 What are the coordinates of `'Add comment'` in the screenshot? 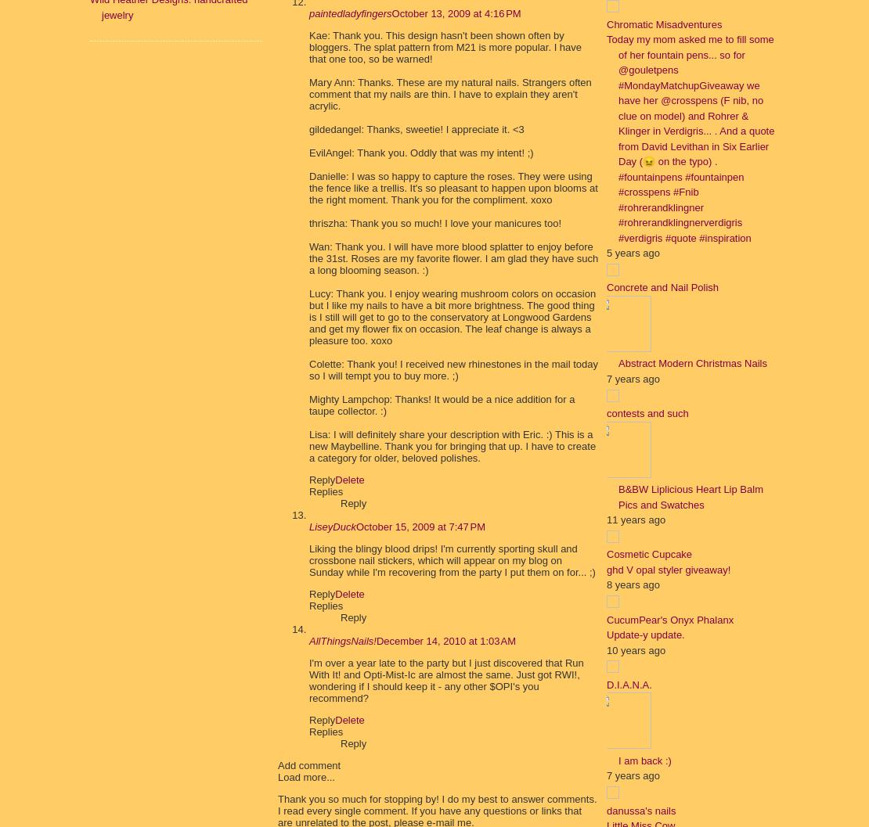 It's located at (308, 765).